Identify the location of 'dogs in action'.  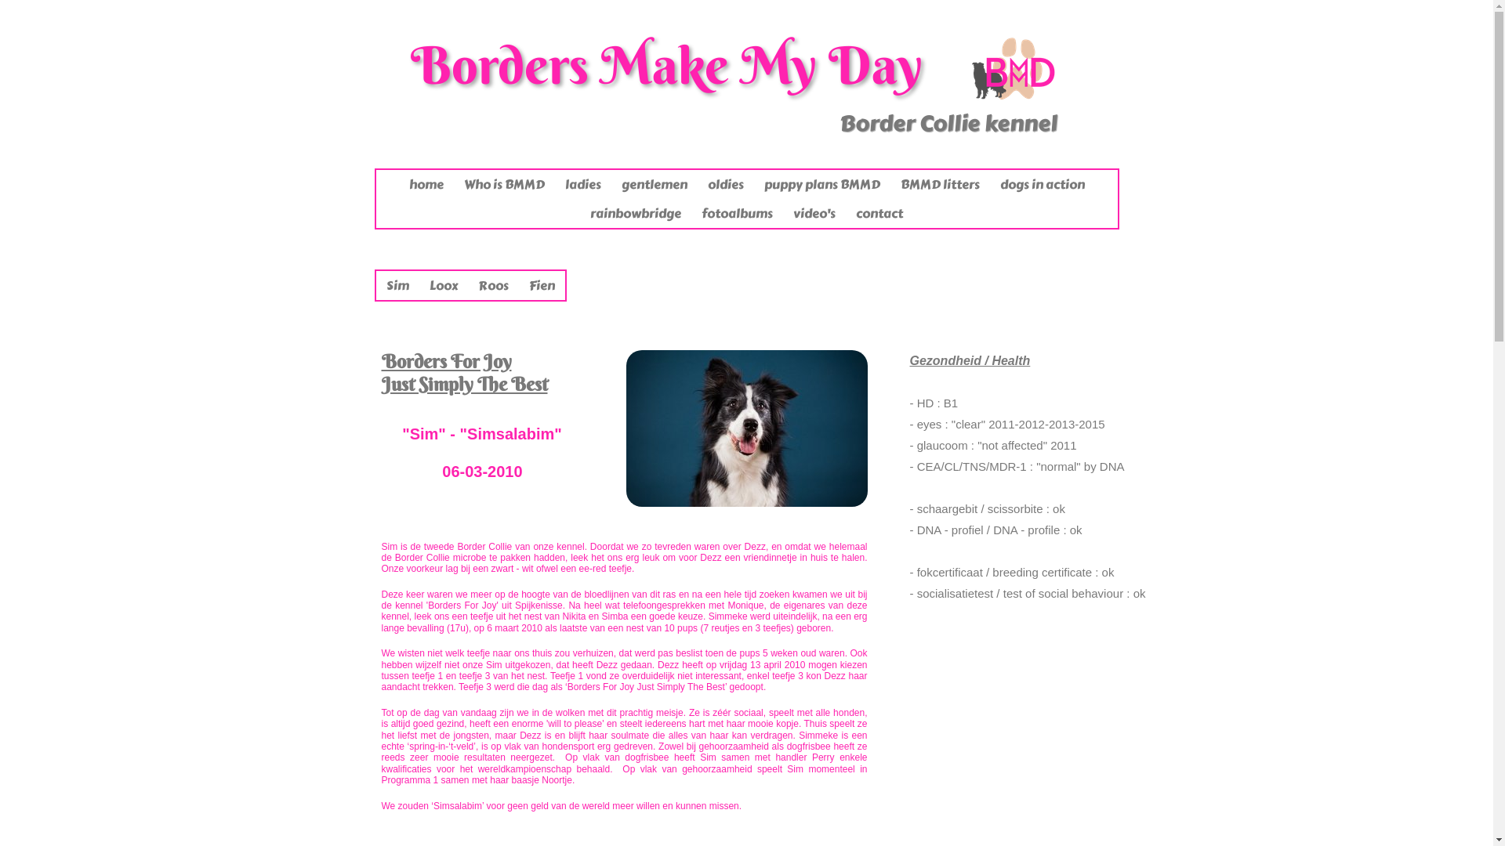
(988, 183).